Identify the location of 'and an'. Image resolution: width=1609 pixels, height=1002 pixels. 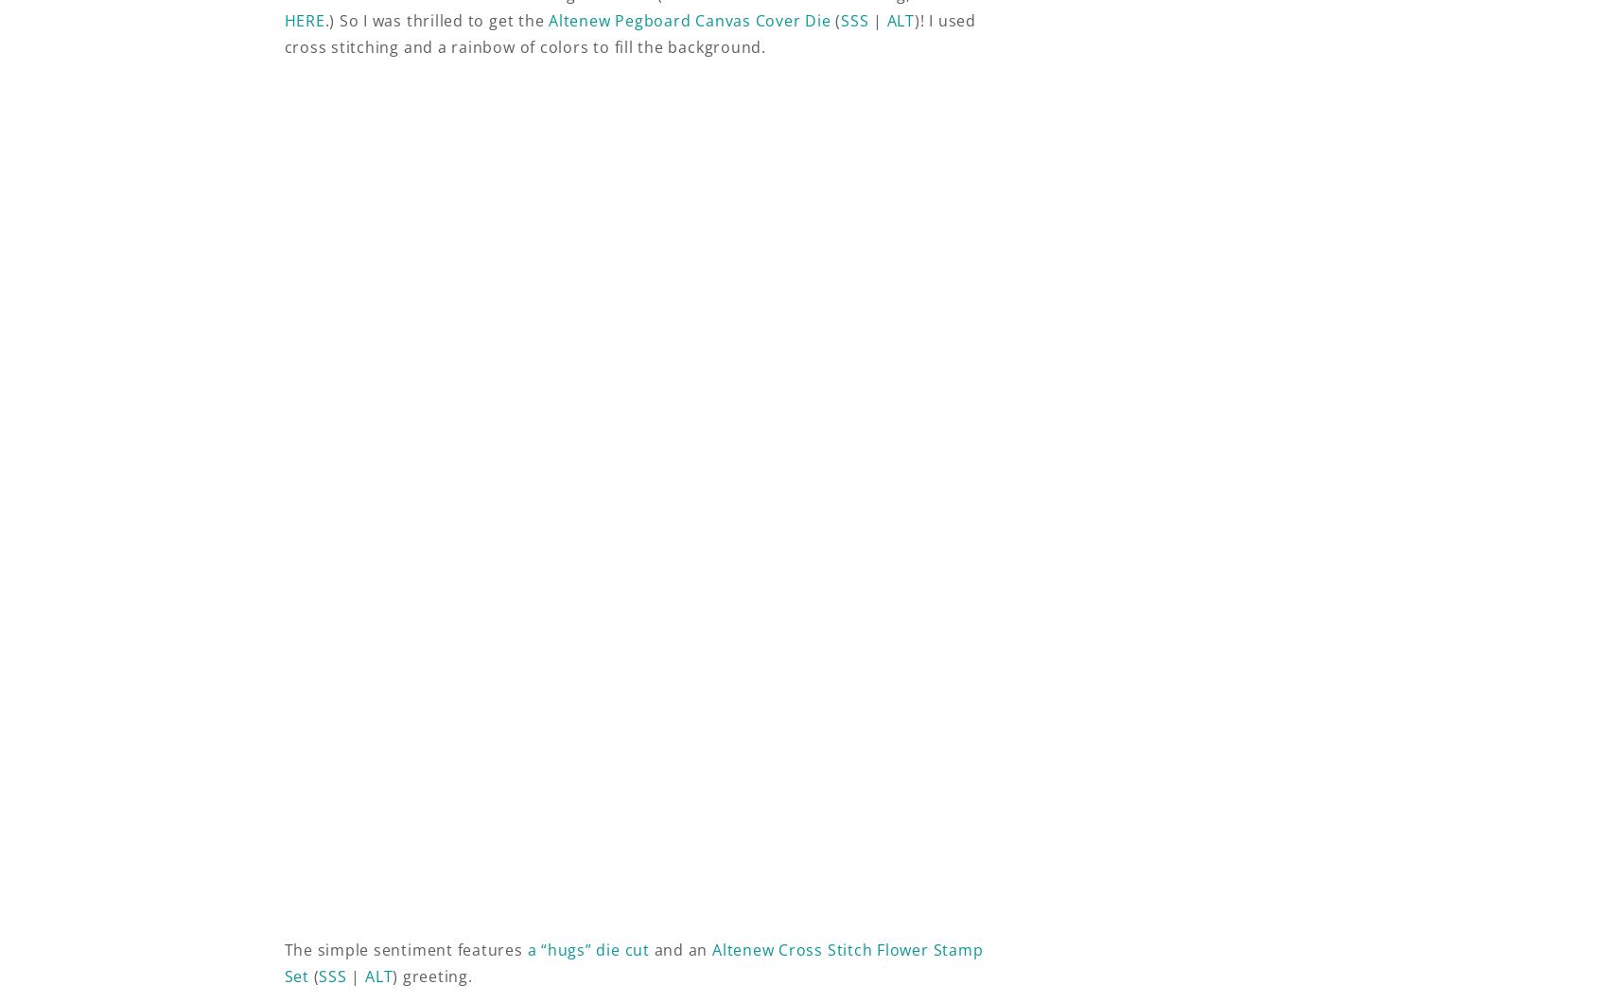
(679, 948).